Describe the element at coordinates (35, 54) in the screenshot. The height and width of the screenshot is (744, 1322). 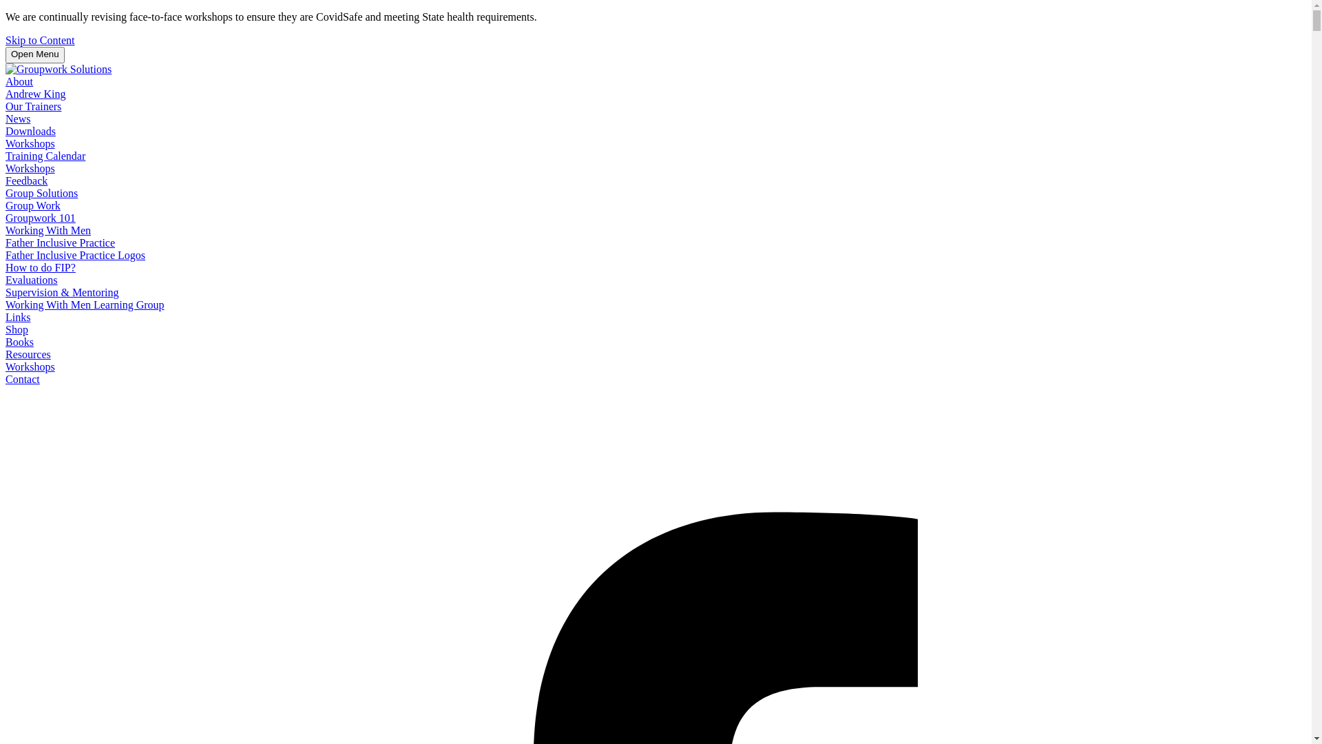
I see `'Open Menu'` at that location.